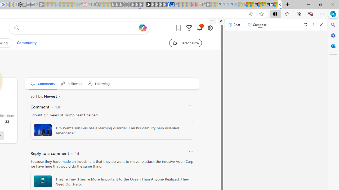 The width and height of the screenshot is (339, 190). What do you see at coordinates (172, 4) in the screenshot?
I see `'AQI & Health | AirNow.gov'` at bounding box center [172, 4].